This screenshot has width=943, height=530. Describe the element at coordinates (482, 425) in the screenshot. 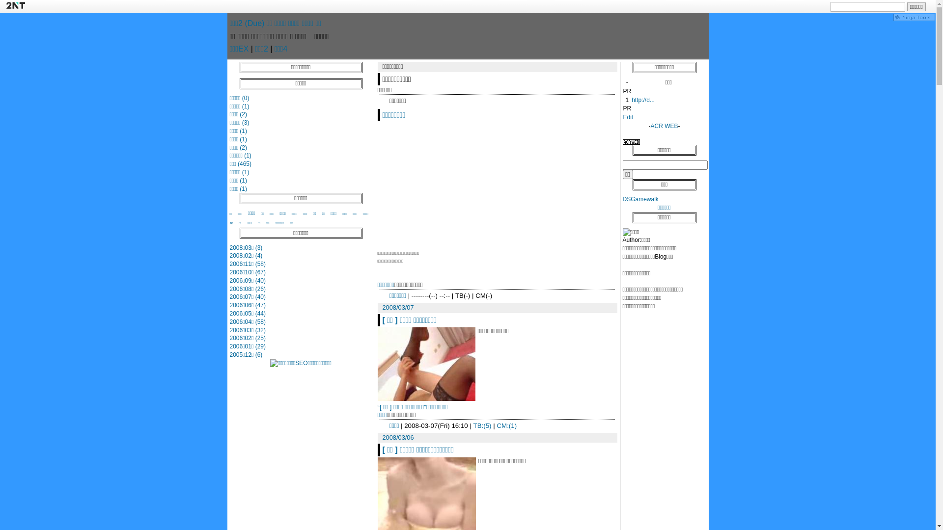

I see `'TB:(5)'` at that location.